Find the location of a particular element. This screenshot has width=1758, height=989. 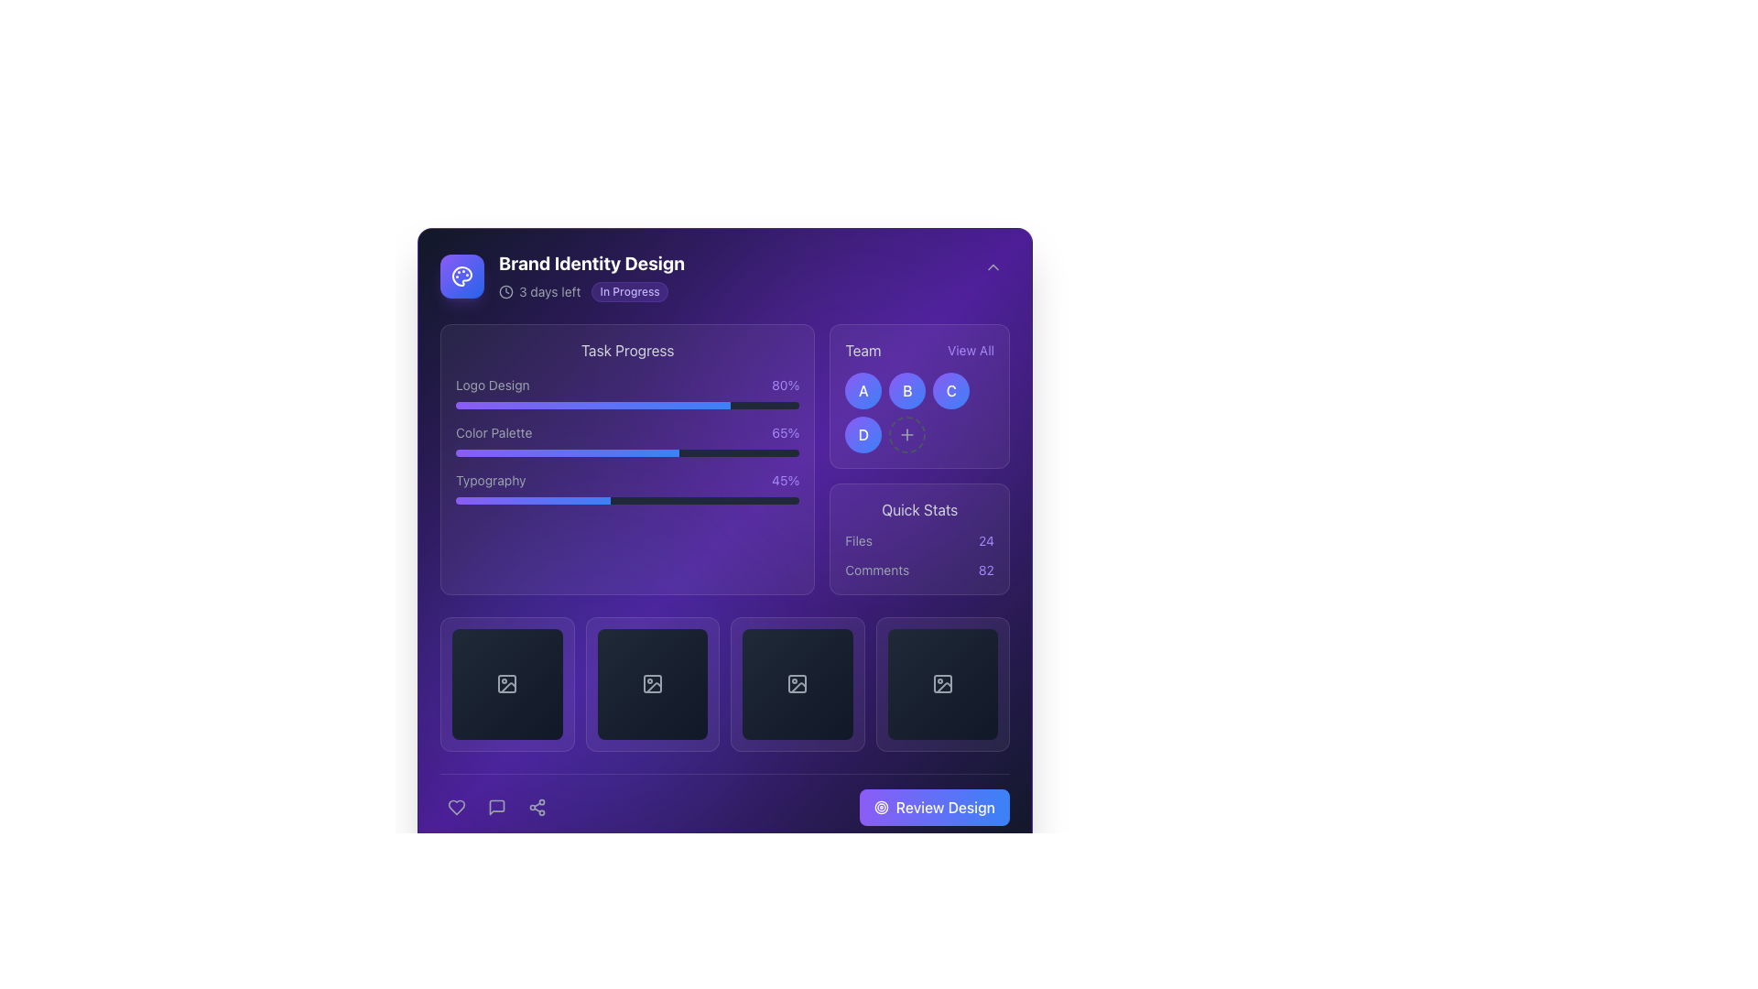

the icon associated with the project 'Brand Identity Design', located at the top-left corner of the card labeled 'Brand Identity Design' is located at coordinates (461, 276).